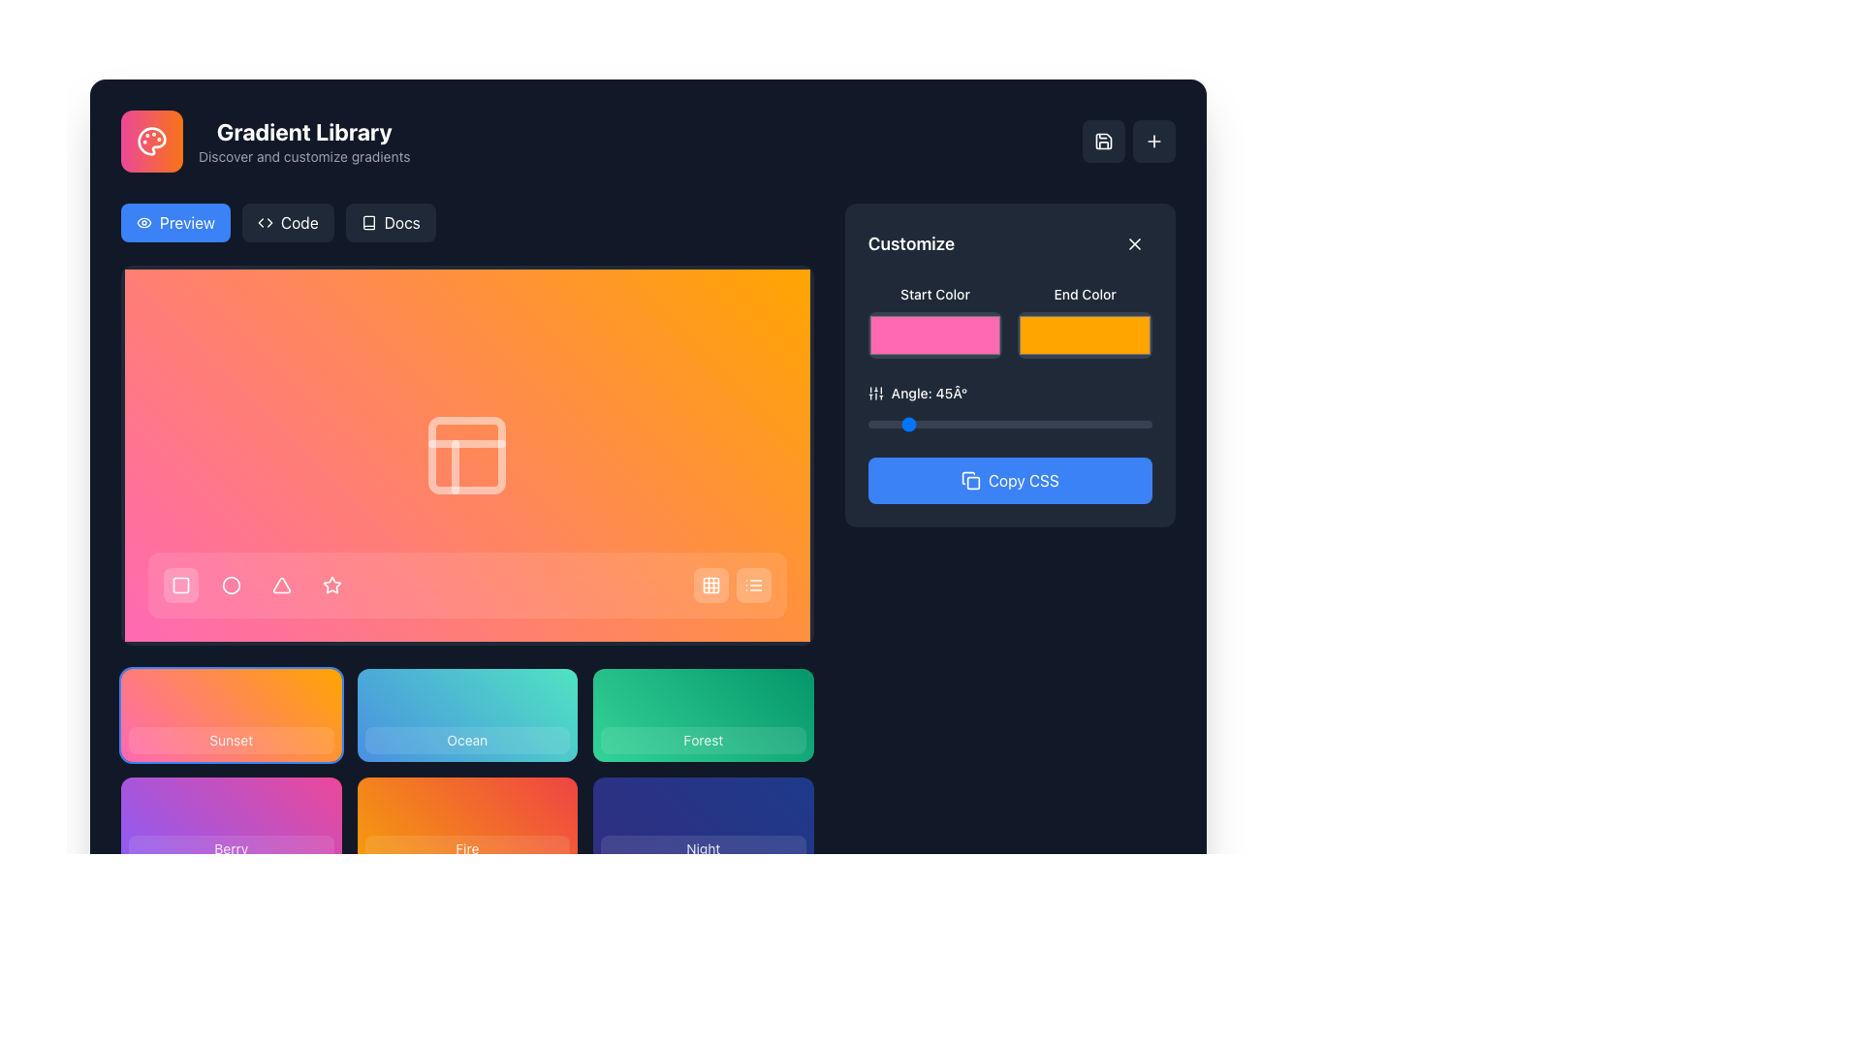 The height and width of the screenshot is (1047, 1861). I want to click on the Color picker element for 'End Color' located in the second column of the 'Customize' section, so click(1084, 321).